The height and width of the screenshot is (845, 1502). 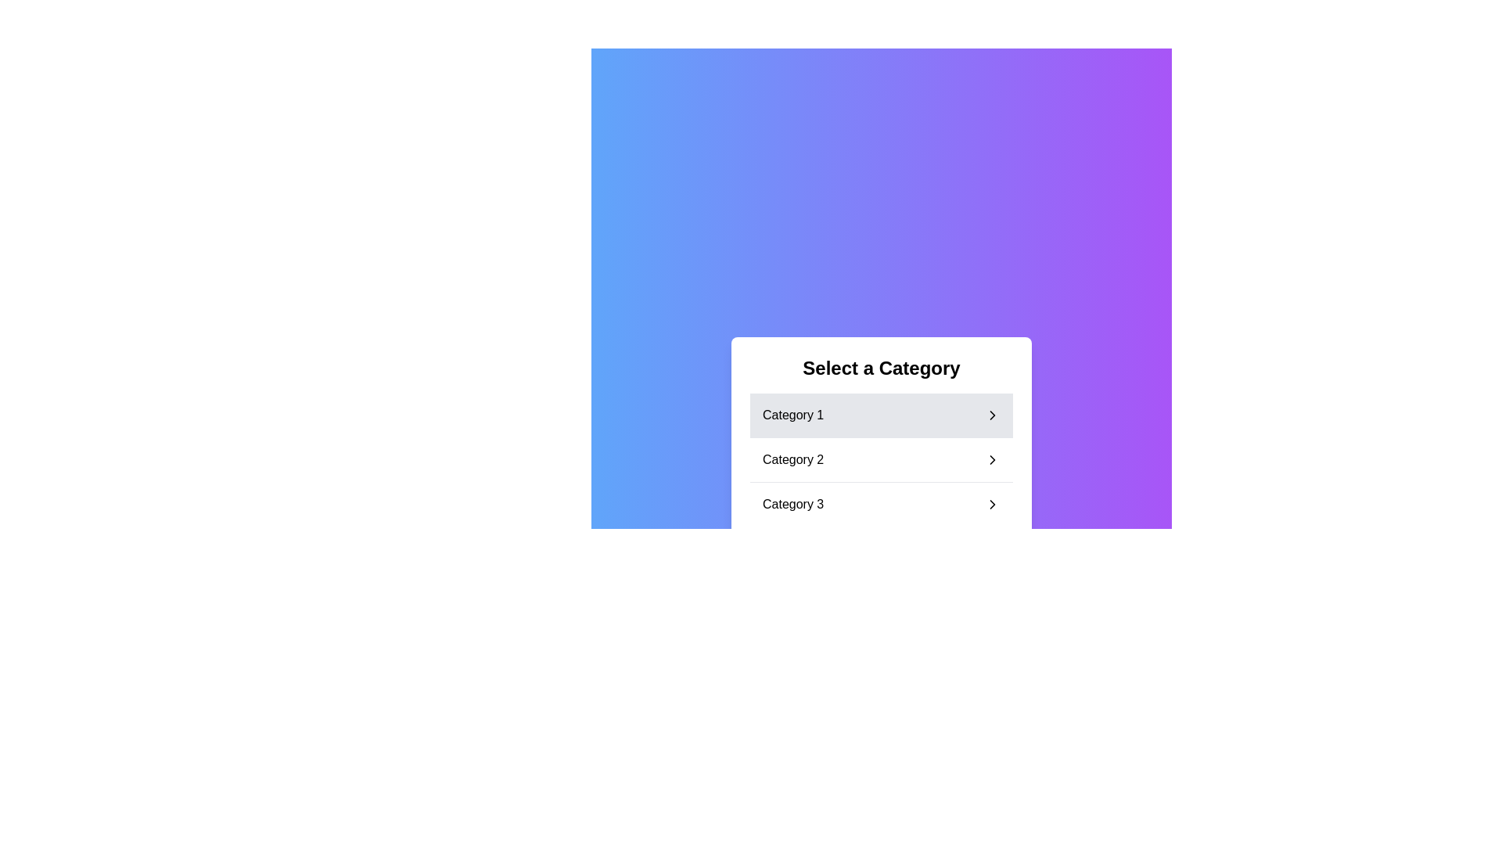 What do you see at coordinates (991, 415) in the screenshot?
I see `the Chevron icon next to 'Category 1' in the first row of the vertically arranged list` at bounding box center [991, 415].